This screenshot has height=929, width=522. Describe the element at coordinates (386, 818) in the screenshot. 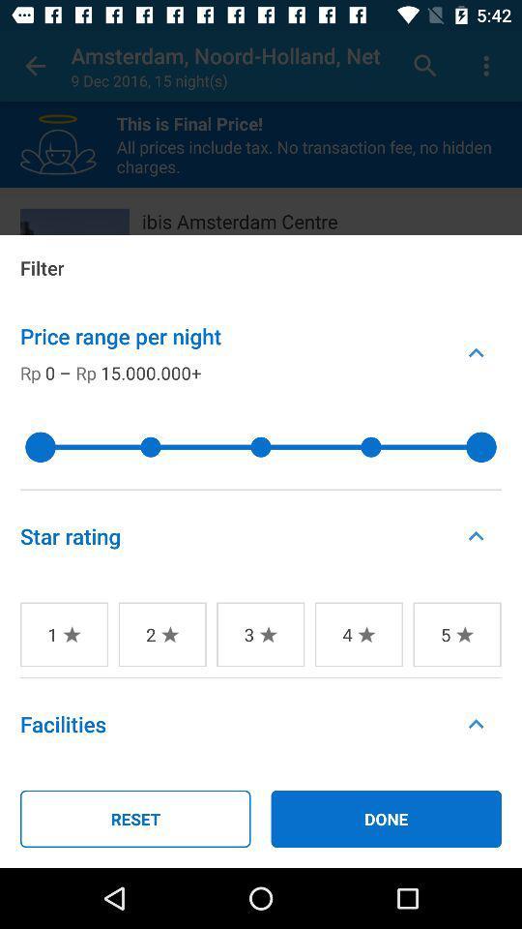

I see `done icon` at that location.